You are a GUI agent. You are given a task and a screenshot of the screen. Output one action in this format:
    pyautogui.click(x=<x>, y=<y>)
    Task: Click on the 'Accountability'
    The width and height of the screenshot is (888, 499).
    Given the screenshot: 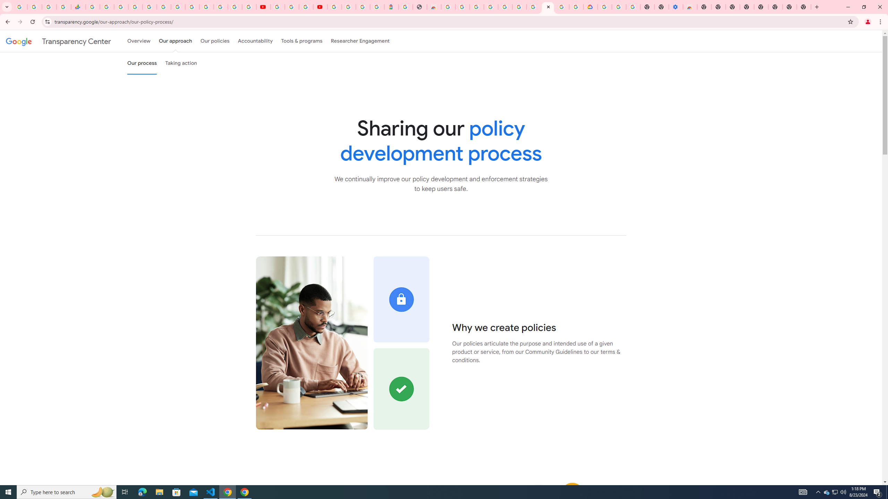 What is the action you would take?
    pyautogui.click(x=255, y=41)
    